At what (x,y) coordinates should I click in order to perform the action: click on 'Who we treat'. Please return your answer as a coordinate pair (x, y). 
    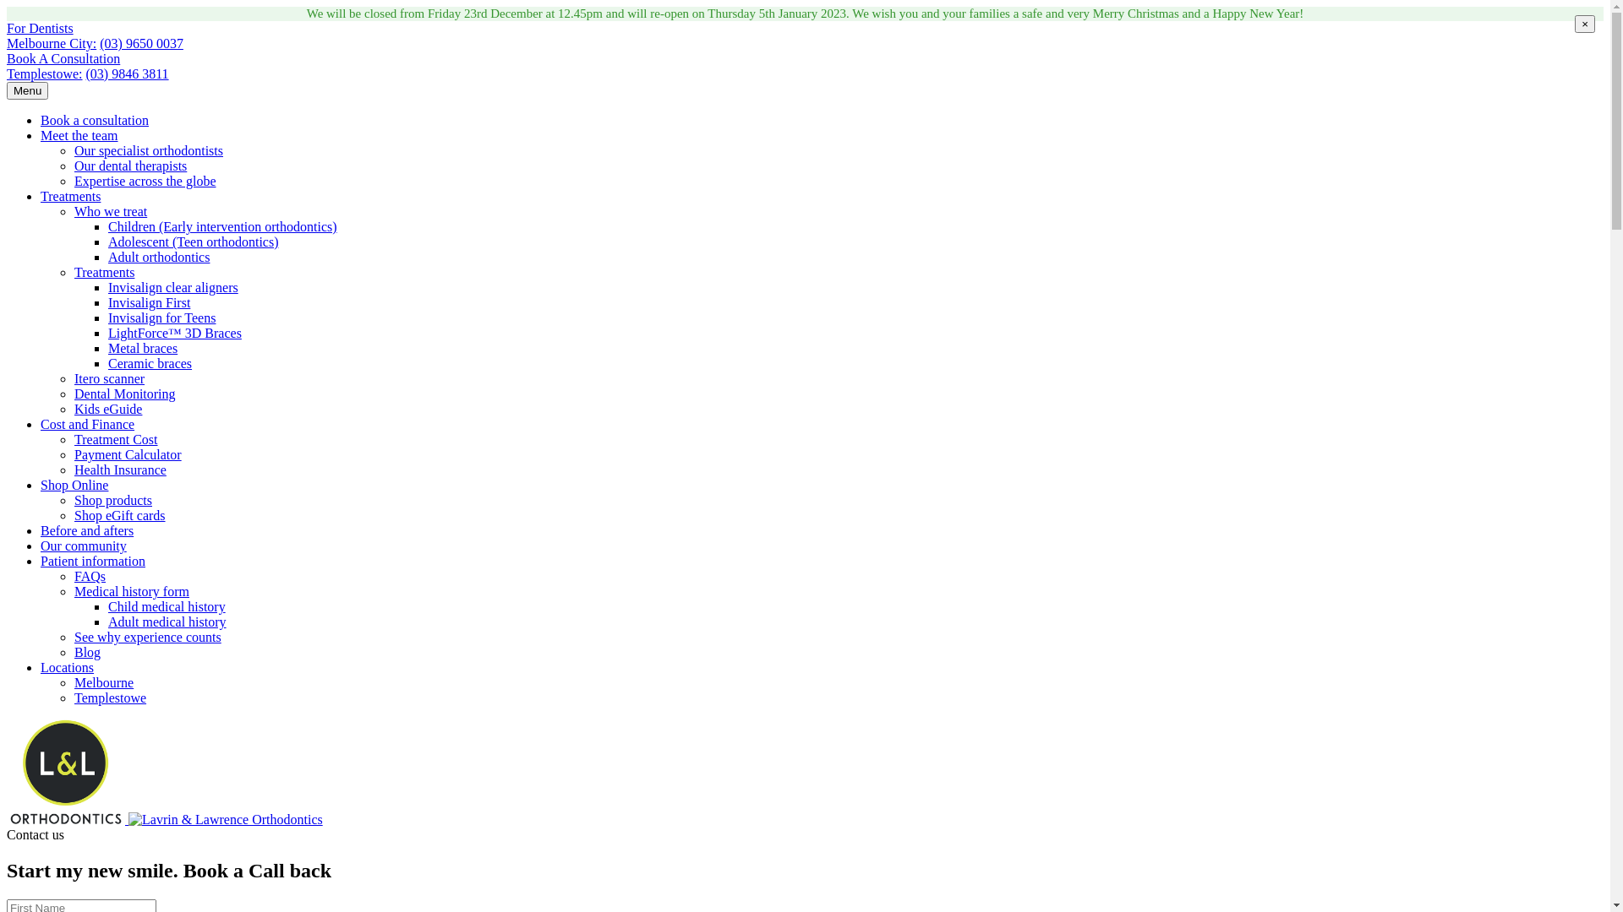
    Looking at the image, I should click on (73, 210).